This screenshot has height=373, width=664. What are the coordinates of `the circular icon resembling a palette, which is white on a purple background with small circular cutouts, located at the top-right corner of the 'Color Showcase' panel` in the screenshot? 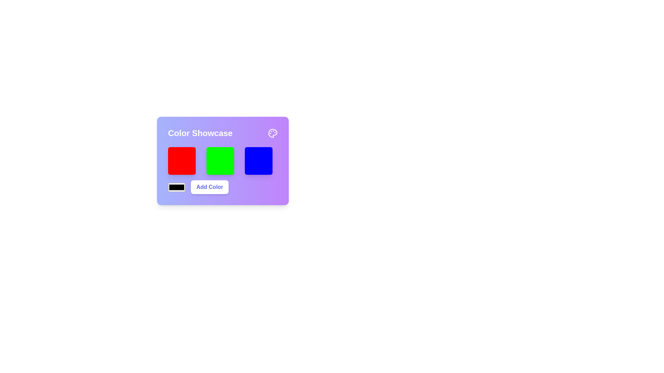 It's located at (272, 133).